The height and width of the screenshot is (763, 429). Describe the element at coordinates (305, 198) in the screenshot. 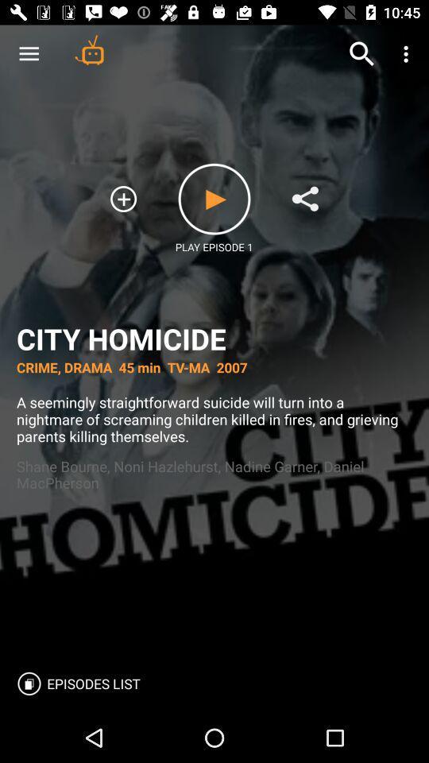

I see `the icon above city homicide icon` at that location.